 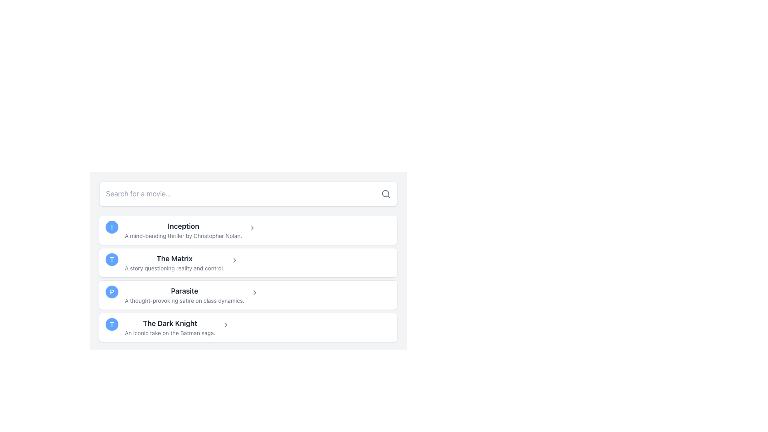 What do you see at coordinates (183, 236) in the screenshot?
I see `text snippet 'A mind-bending thriller by Christopher Nolan.' located directly below the title 'Inception' in the movie details section` at bounding box center [183, 236].